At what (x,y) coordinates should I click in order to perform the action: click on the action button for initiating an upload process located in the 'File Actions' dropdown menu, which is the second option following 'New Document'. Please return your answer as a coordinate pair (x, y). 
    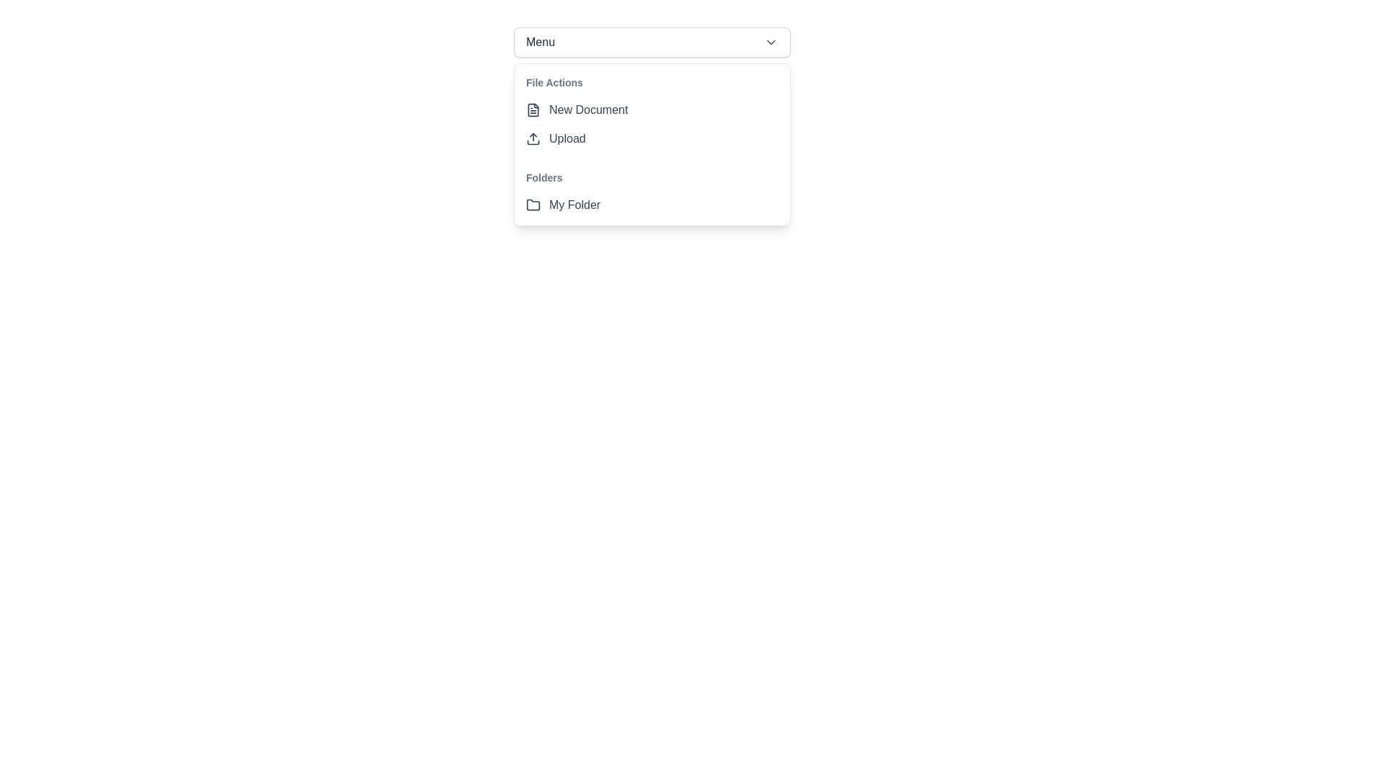
    Looking at the image, I should click on (652, 138).